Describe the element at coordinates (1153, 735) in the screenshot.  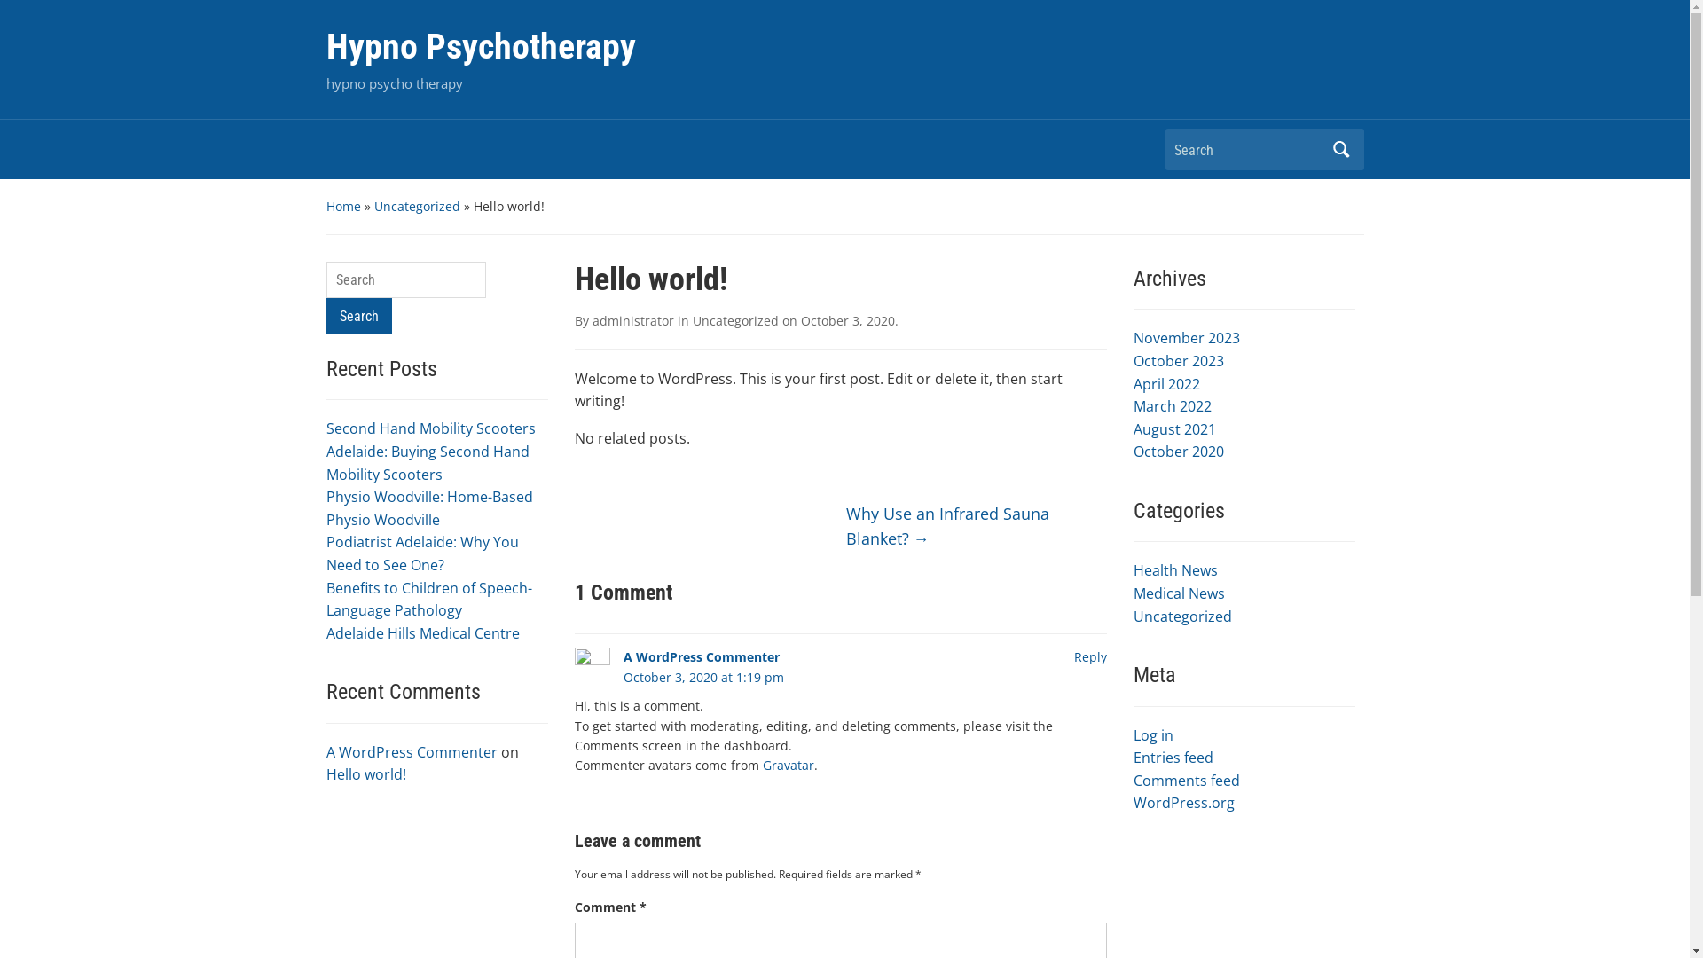
I see `'Log in'` at that location.